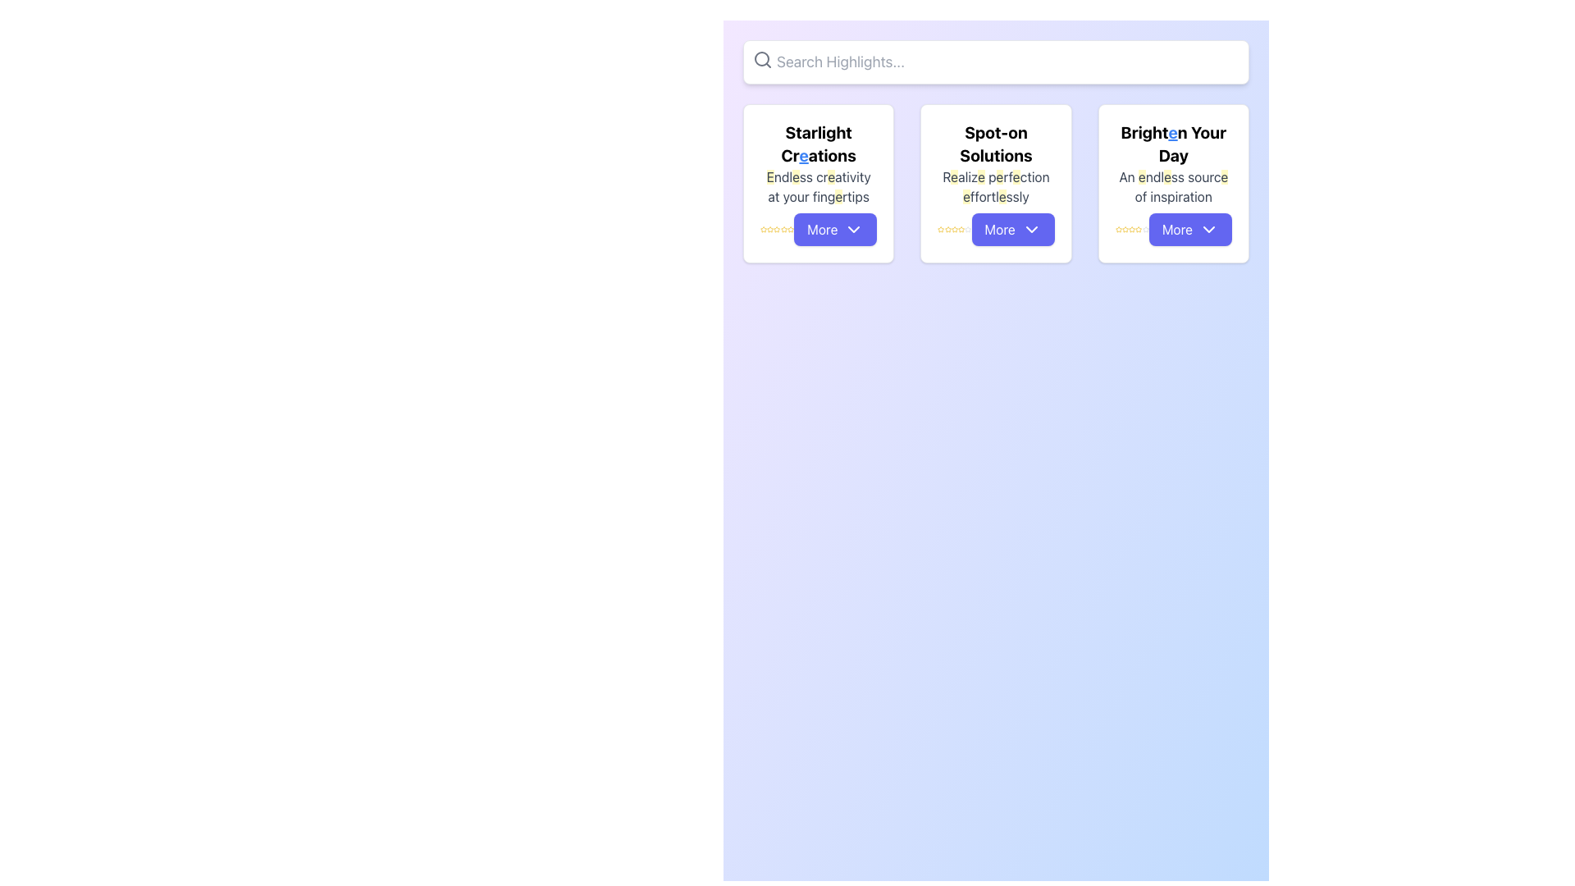  I want to click on the eighth star icon in the rating section beneath the 'Starlight Creations' card to rate it, so click(791, 230).